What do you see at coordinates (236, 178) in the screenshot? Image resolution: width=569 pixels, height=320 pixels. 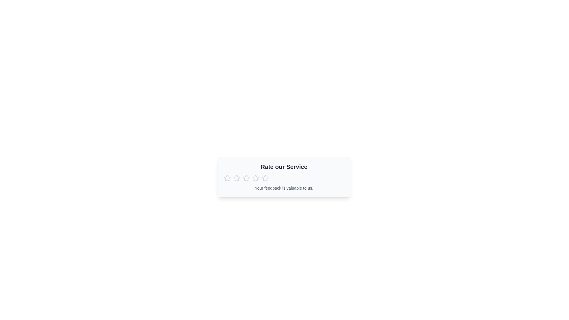 I see `the second star rating button located under the text 'Rate our Service'` at bounding box center [236, 178].